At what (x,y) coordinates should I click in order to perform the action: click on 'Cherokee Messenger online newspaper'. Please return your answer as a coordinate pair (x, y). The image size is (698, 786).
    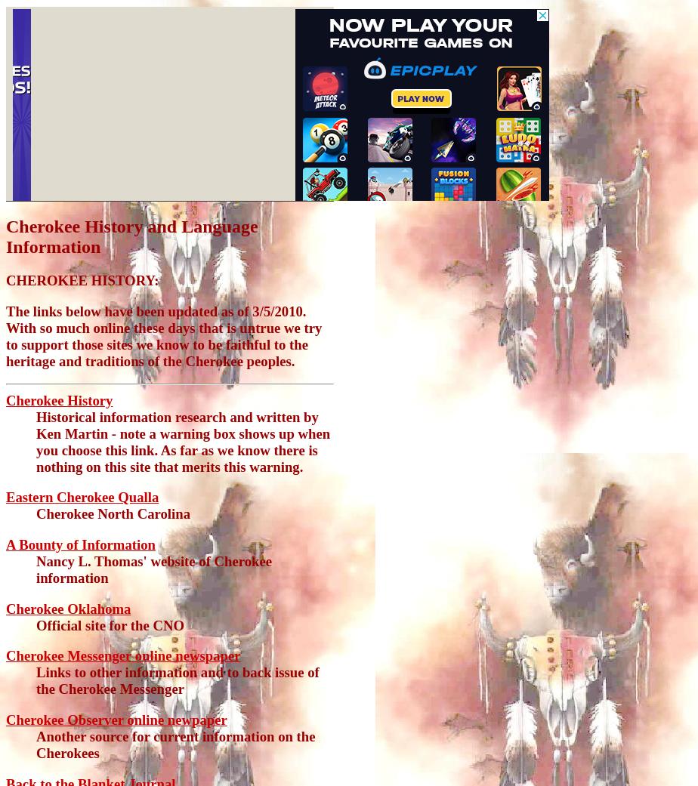
    Looking at the image, I should click on (122, 655).